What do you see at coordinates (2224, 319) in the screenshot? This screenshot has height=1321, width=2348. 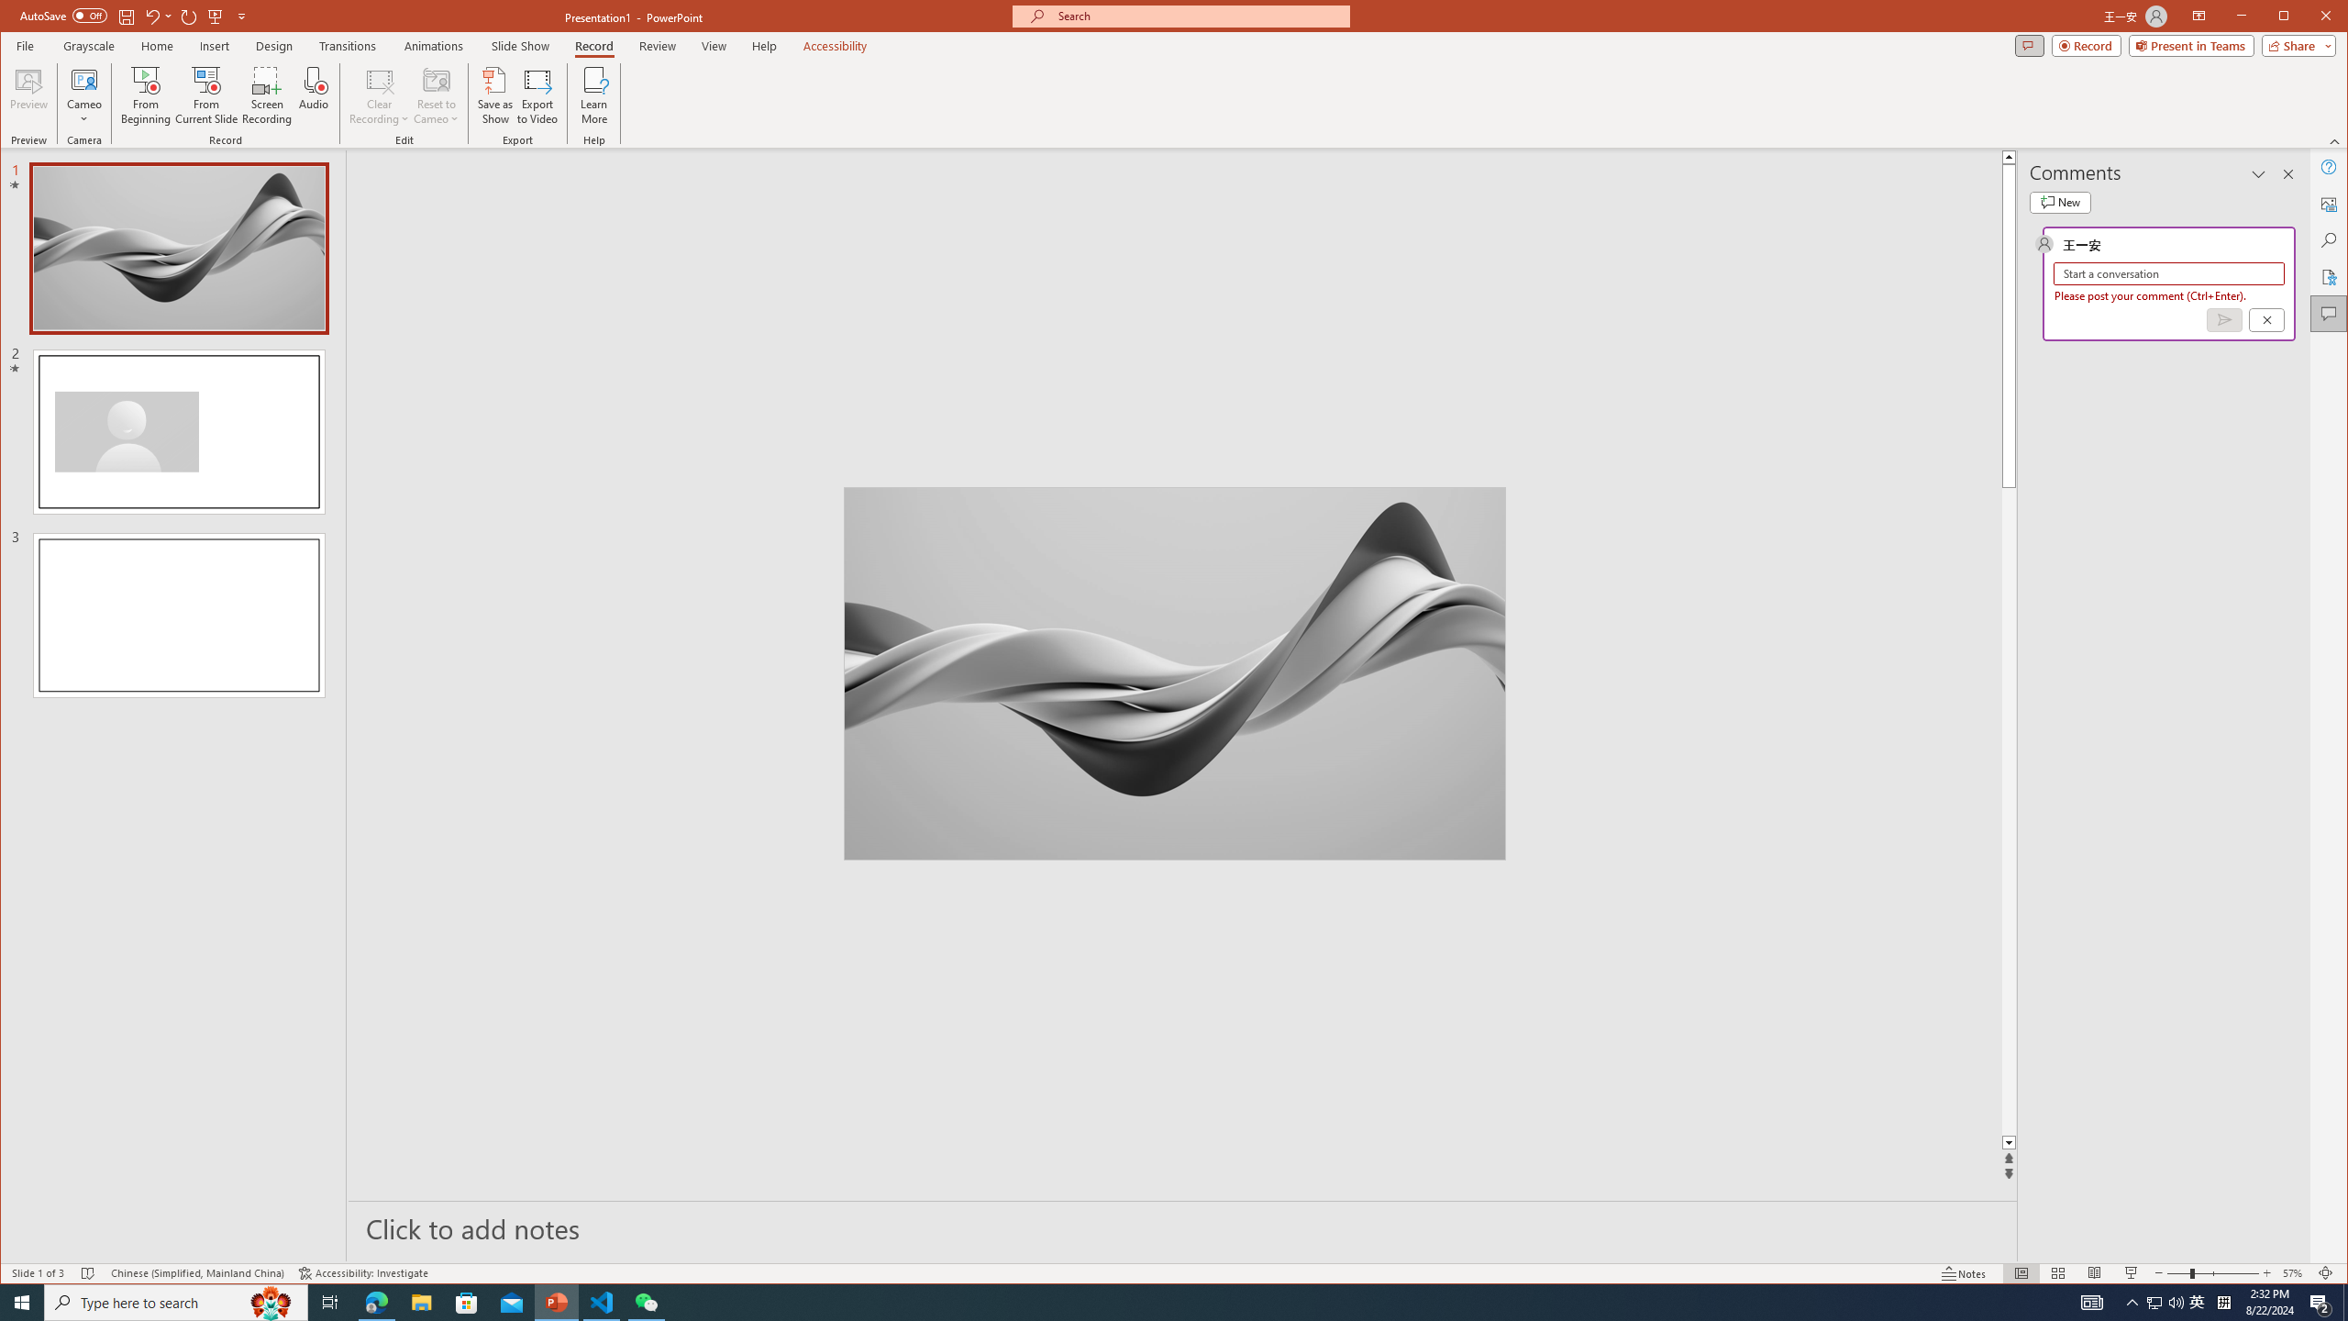 I see `'Post comment (Ctrl + Enter)'` at bounding box center [2224, 319].